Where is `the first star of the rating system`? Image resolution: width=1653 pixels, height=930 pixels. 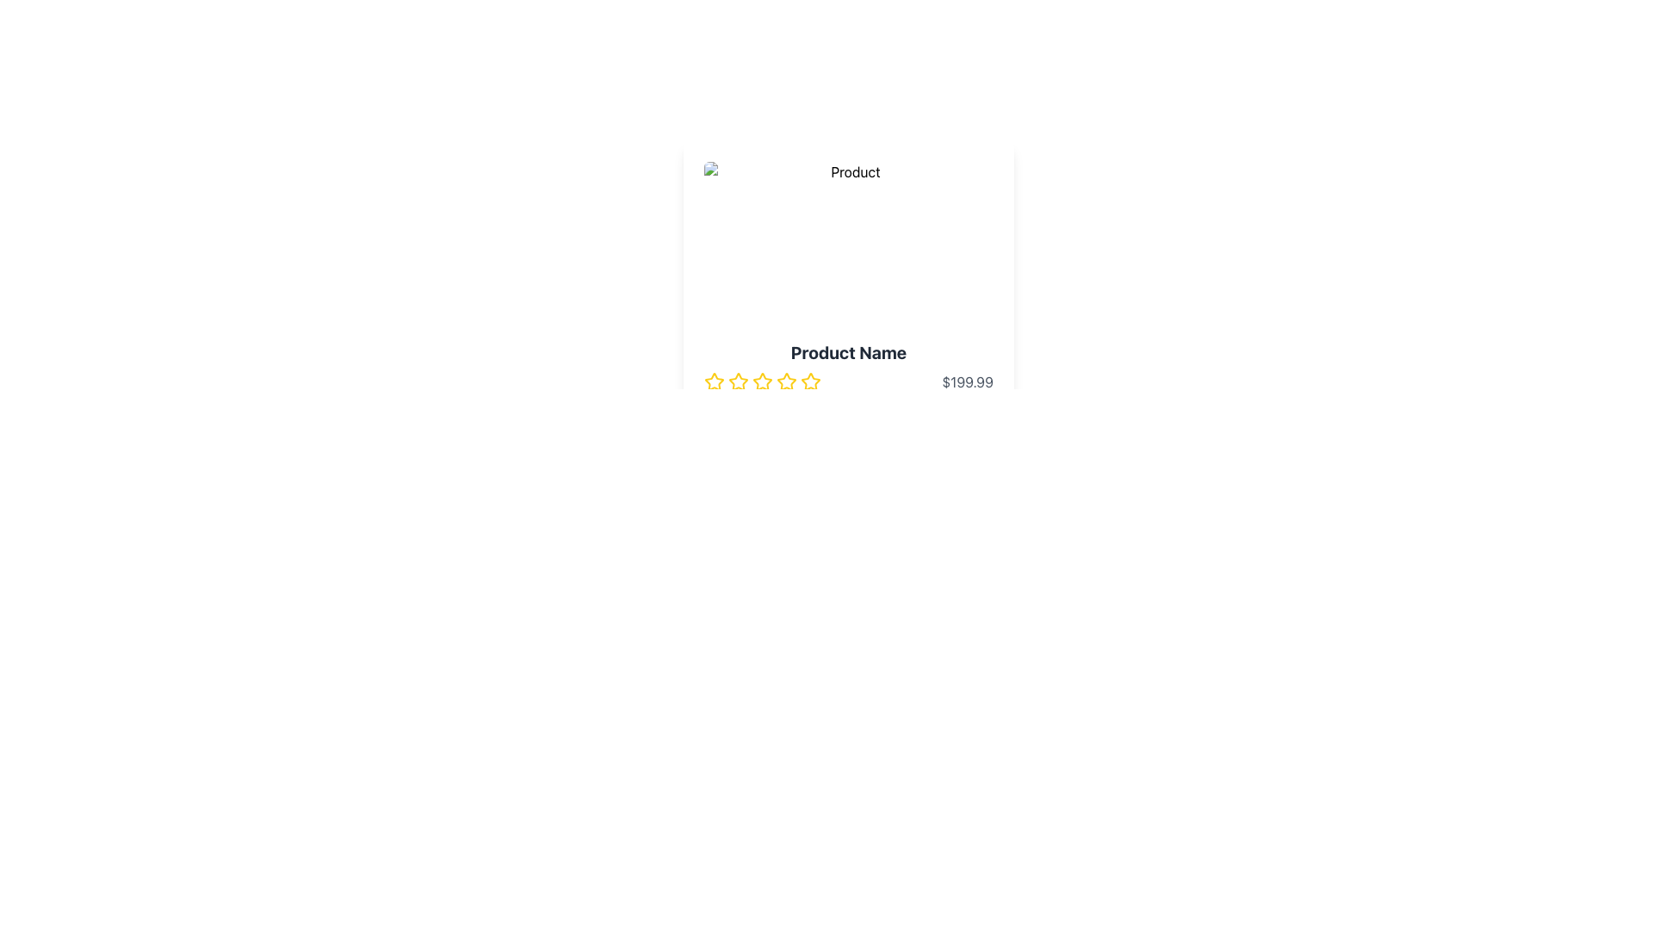 the first star of the rating system is located at coordinates (715, 381).